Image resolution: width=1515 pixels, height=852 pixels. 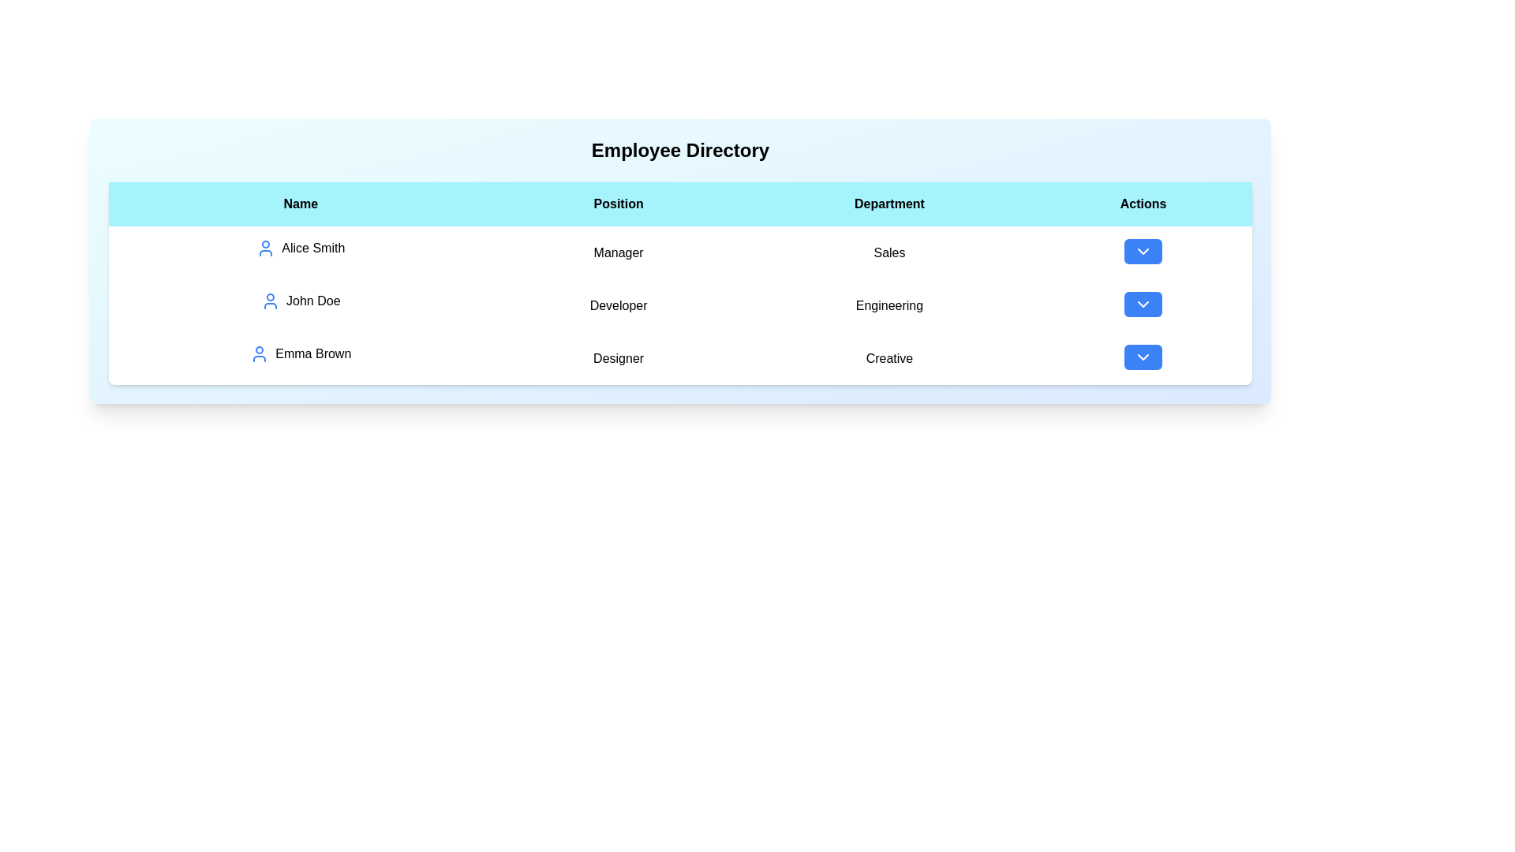 What do you see at coordinates (266, 248) in the screenshot?
I see `the user account icon located at the leftmost side of the row containing the name 'Alice Smith' in the table layout` at bounding box center [266, 248].